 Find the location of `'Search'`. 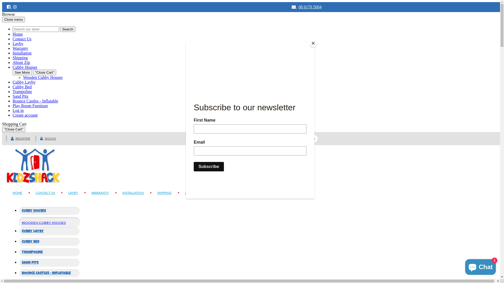

'Search' is located at coordinates (67, 29).